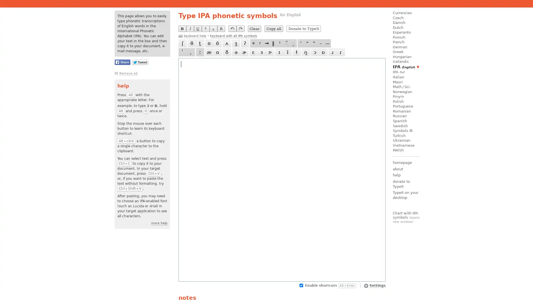 The width and height of the screenshot is (533, 300). What do you see at coordinates (197, 29) in the screenshot?
I see `U` at bounding box center [197, 29].